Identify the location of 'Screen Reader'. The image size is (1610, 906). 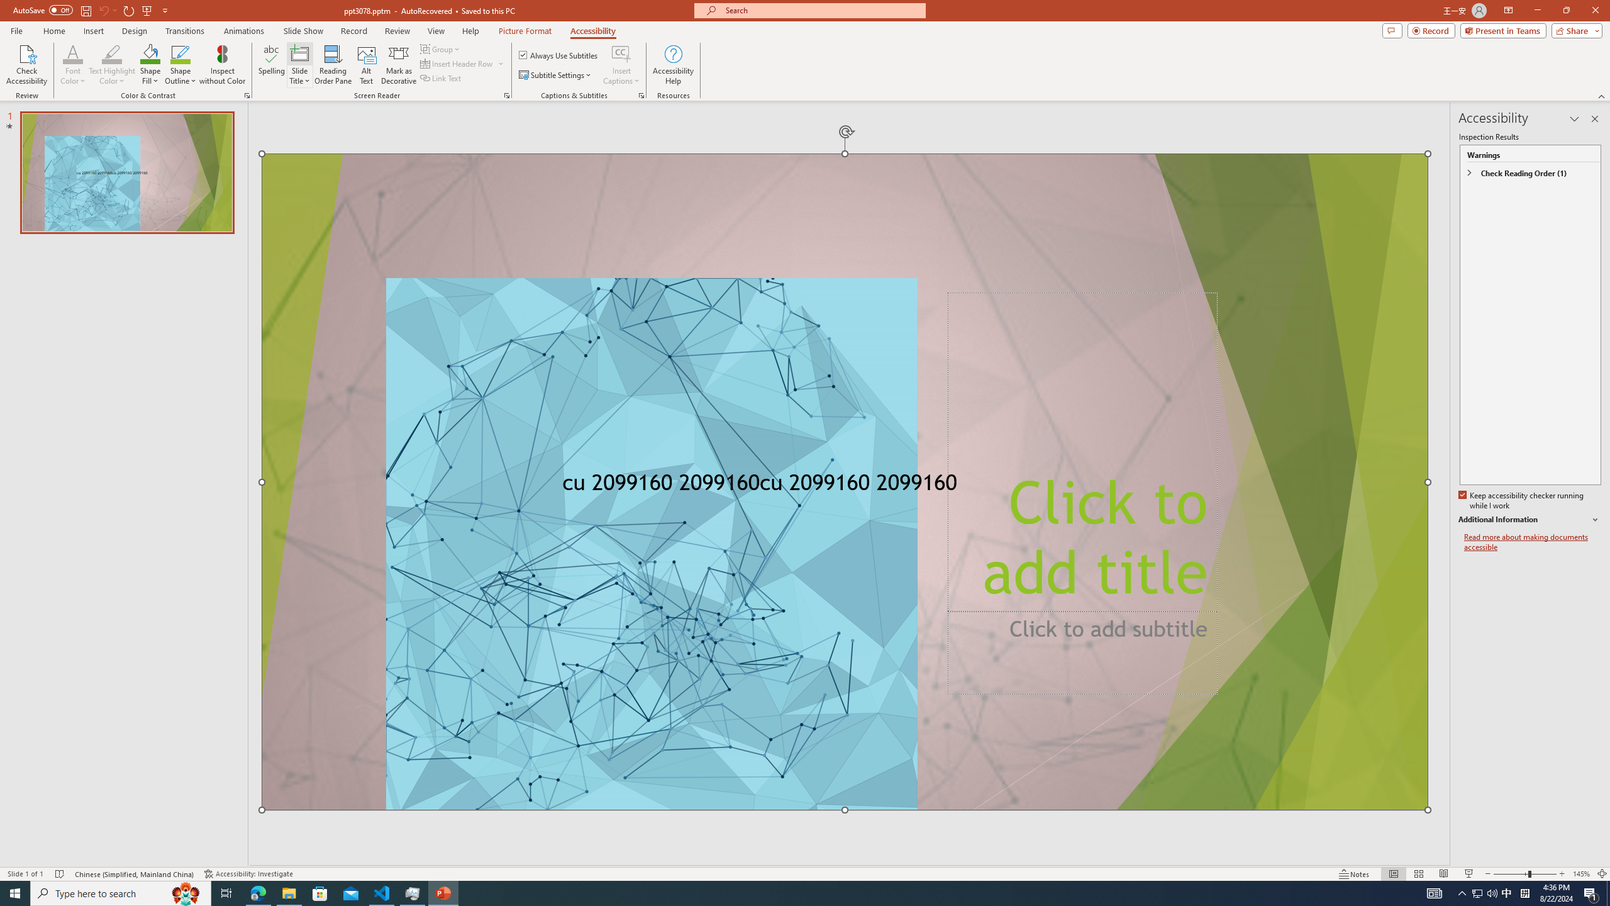
(507, 94).